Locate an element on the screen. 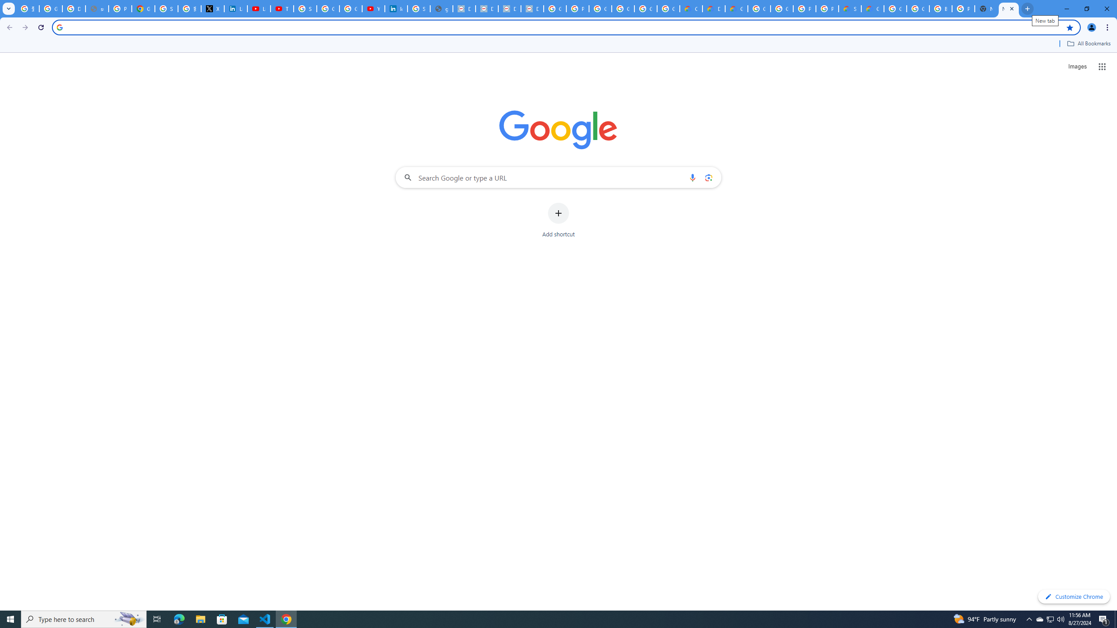 The image size is (1117, 628). 'LinkedIn - YouTube' is located at coordinates (258, 8).